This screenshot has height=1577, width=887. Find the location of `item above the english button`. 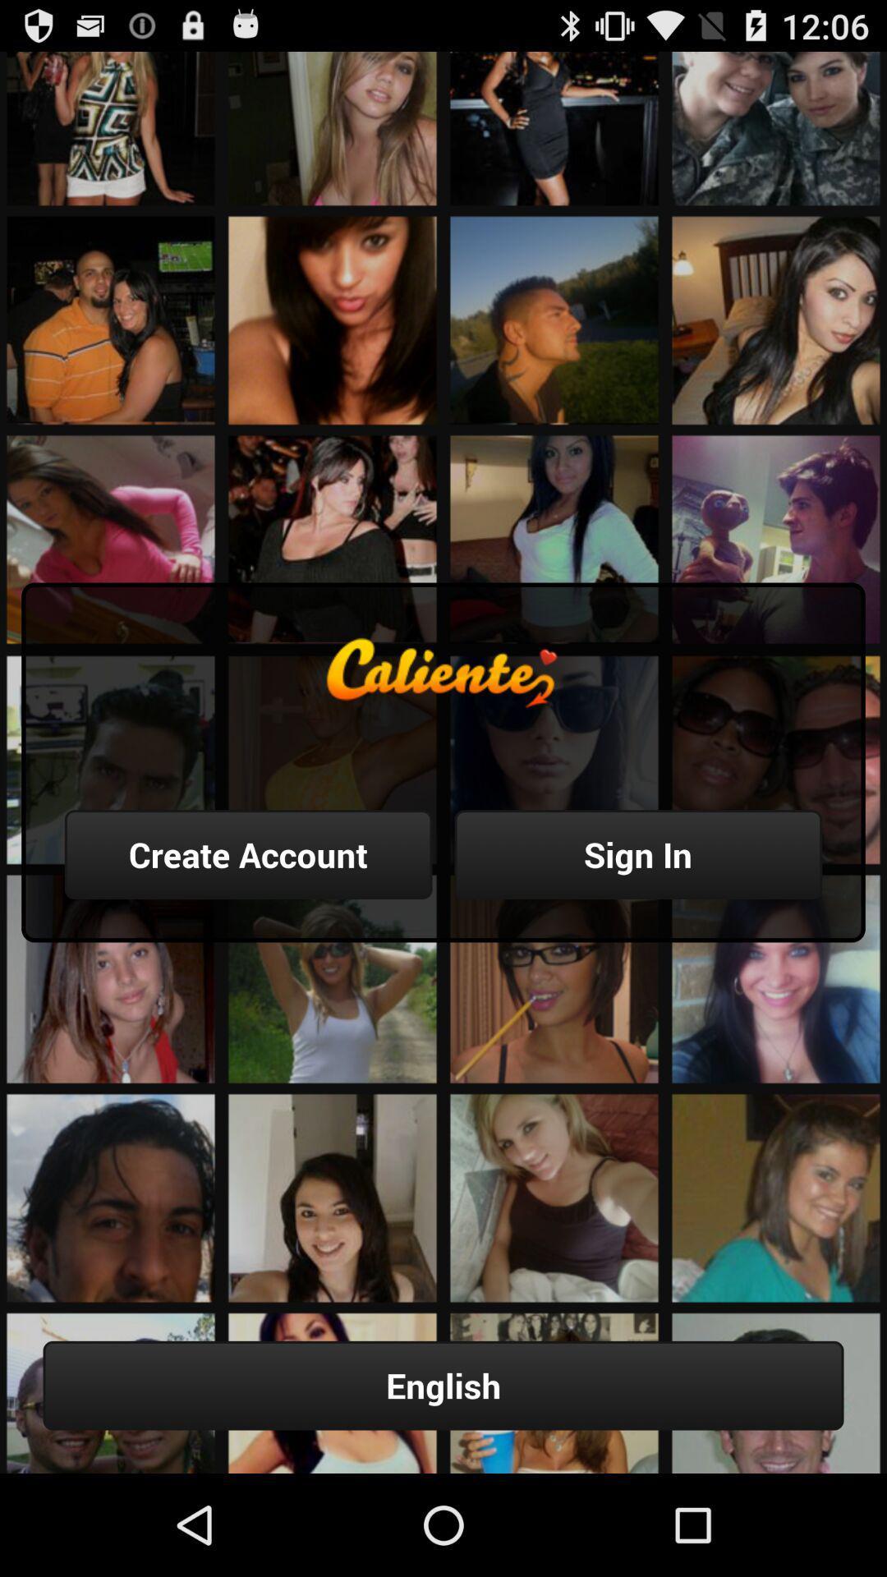

item above the english button is located at coordinates (248, 854).